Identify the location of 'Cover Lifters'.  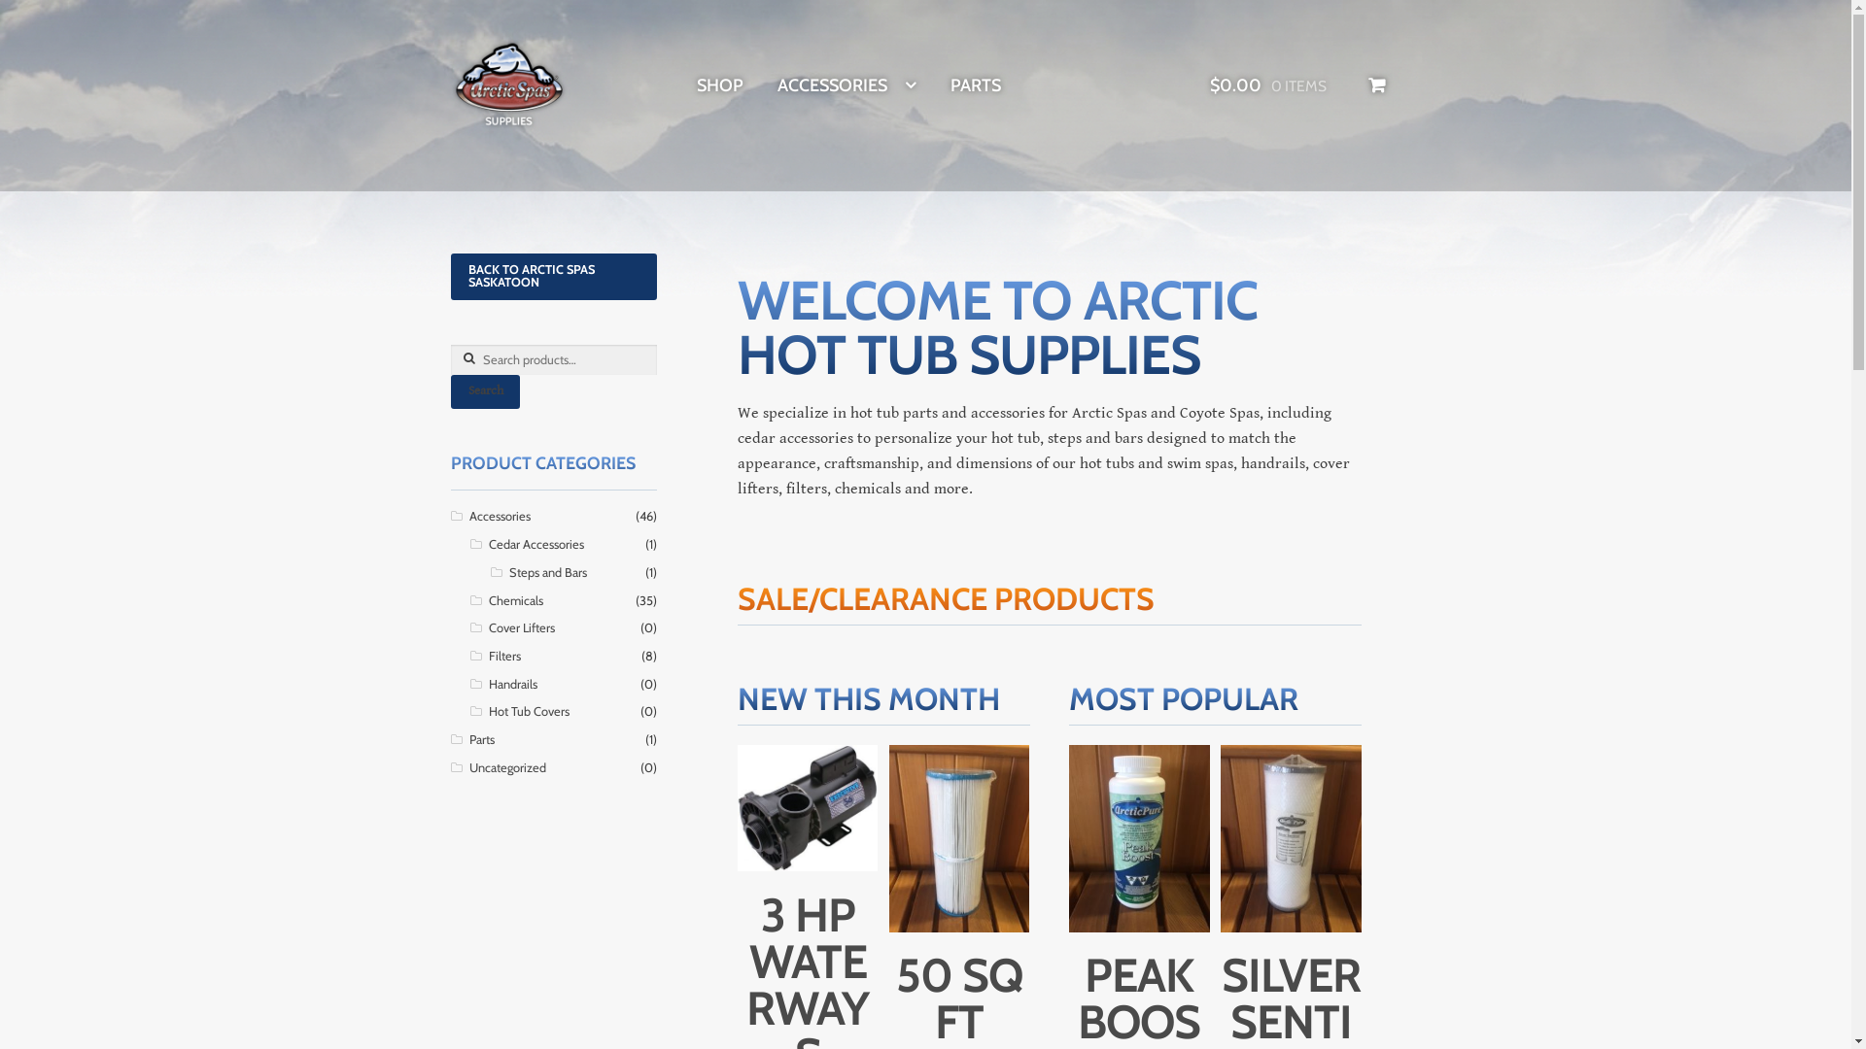
(489, 627).